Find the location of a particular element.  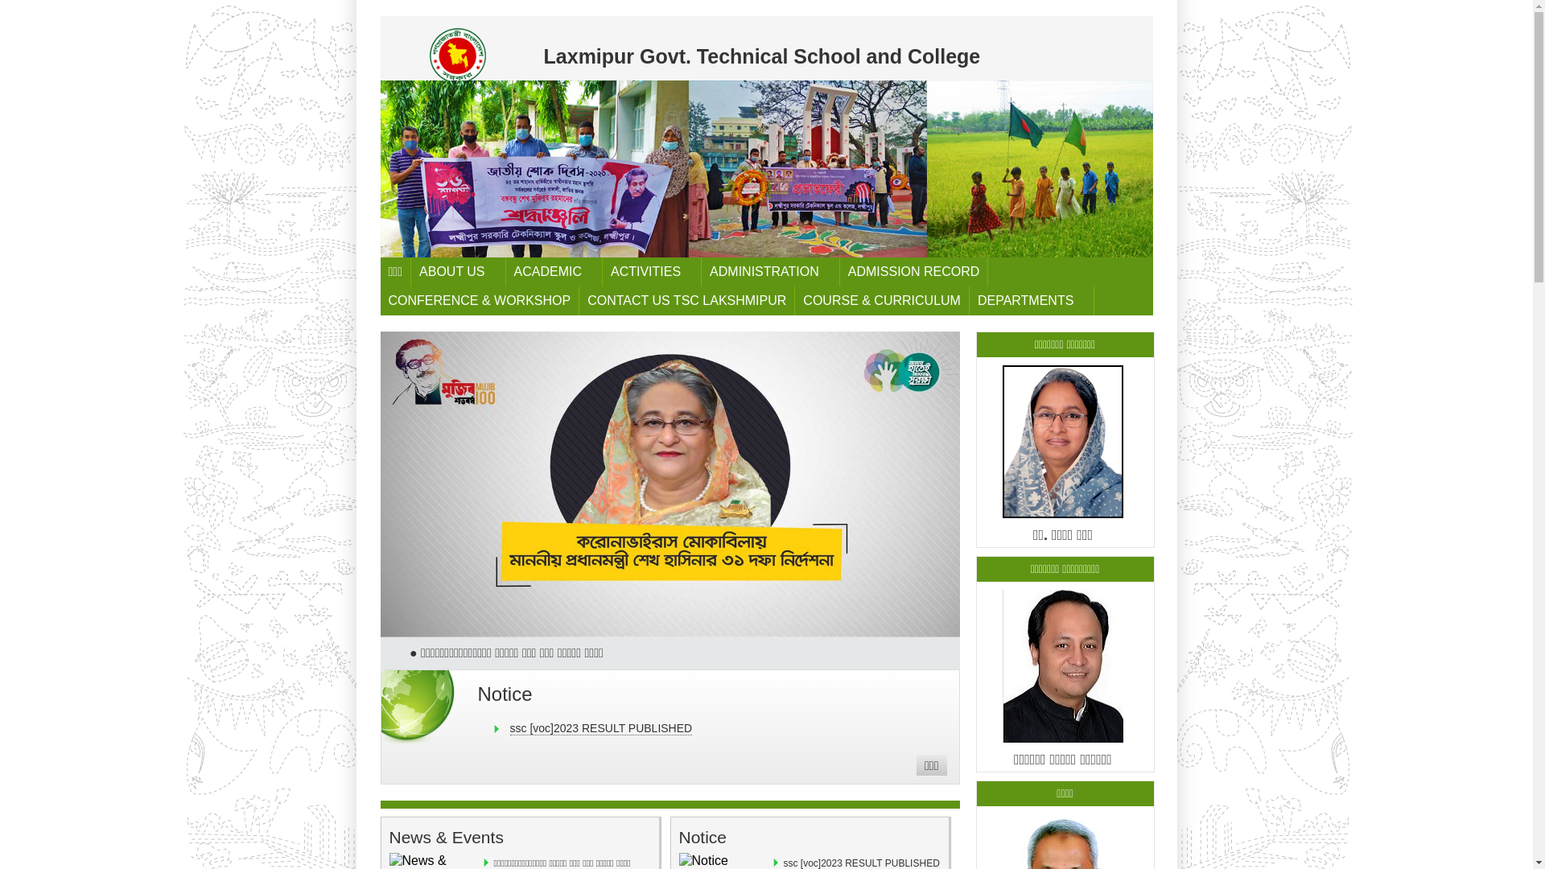

'ABOUT US' is located at coordinates (458, 271).